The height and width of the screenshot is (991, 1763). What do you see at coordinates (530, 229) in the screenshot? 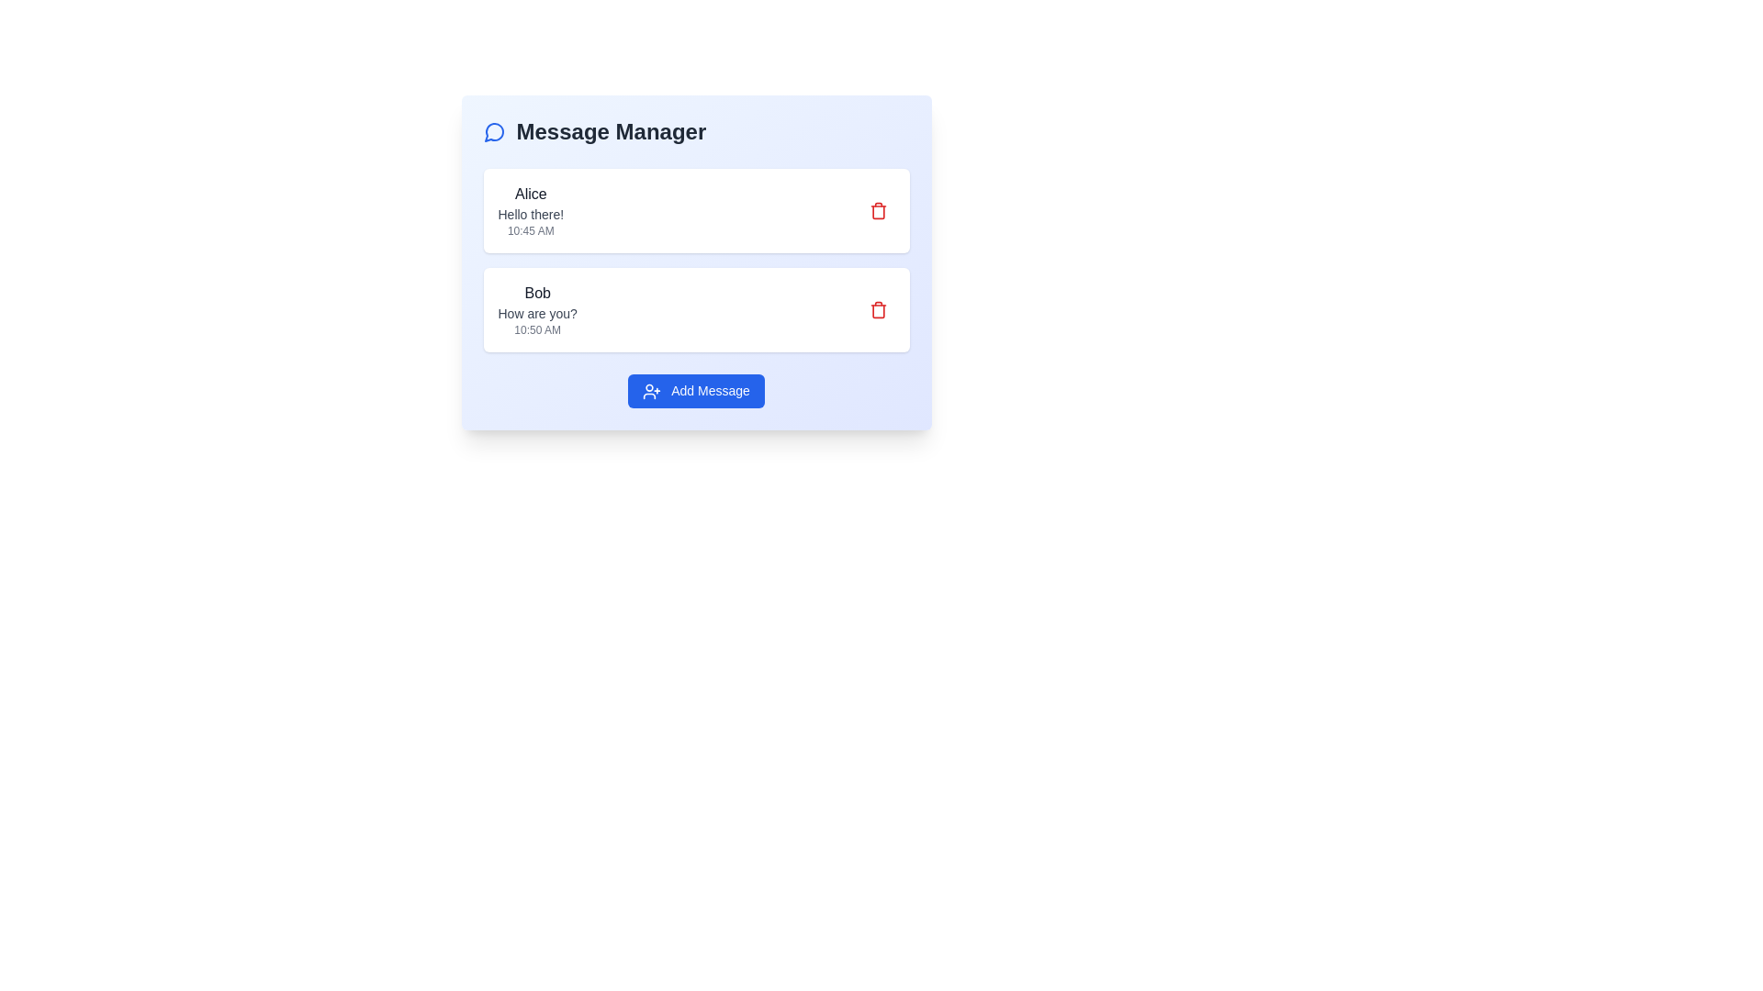
I see `the timestamp text label located in the lower-right area of the message card associated with 'Alice'` at bounding box center [530, 229].